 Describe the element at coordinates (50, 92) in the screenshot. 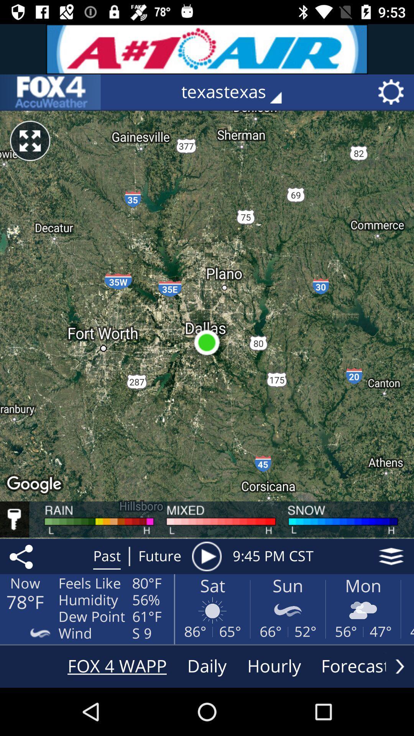

I see `the item to the left of the texastexas icon` at that location.